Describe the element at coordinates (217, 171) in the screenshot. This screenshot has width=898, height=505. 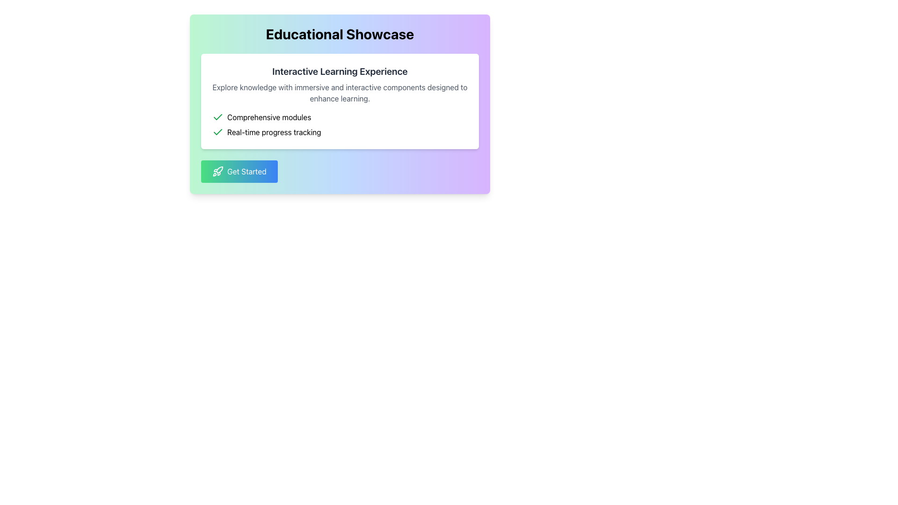
I see `the SVG Icon located within the 'Get Started' button at the bottom left of the 'Educational Showcase' card component` at that location.